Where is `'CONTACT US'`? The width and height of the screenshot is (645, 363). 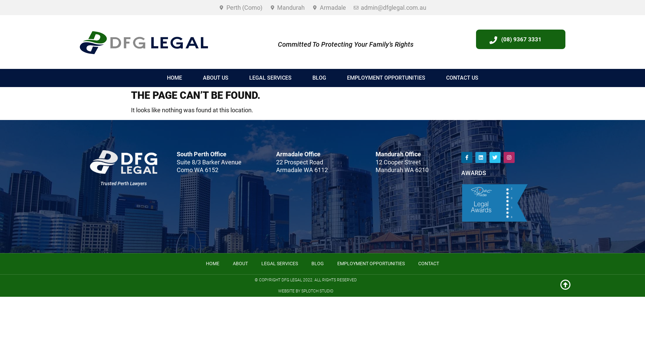
'CONTACT US' is located at coordinates (461, 77).